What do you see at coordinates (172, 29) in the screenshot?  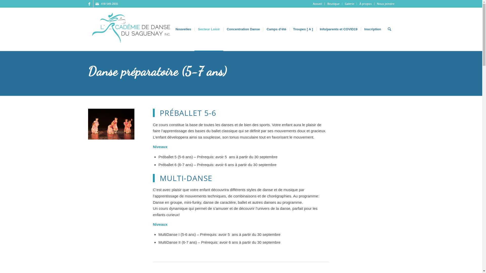 I see `'Nouvelles'` at bounding box center [172, 29].